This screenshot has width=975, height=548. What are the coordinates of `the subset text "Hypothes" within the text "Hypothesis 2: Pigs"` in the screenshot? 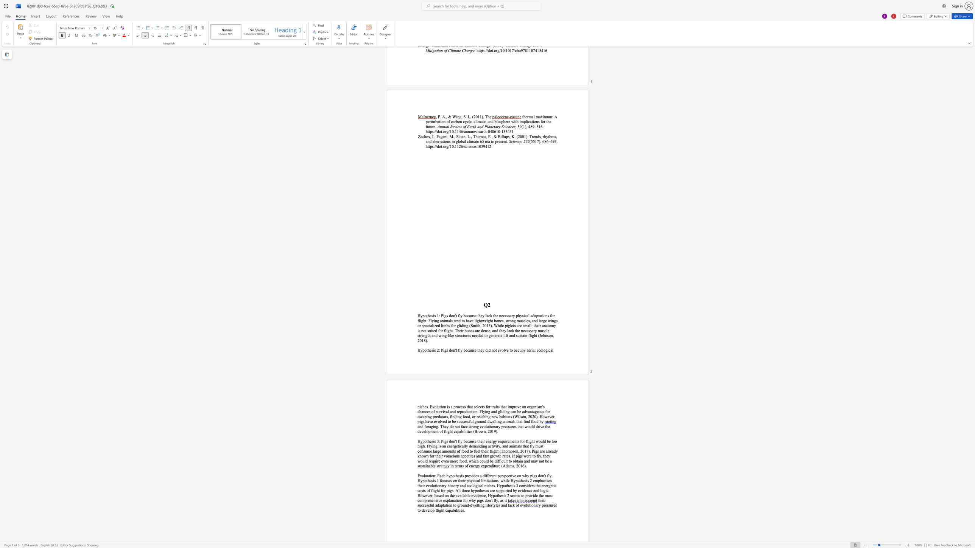 It's located at (417, 349).